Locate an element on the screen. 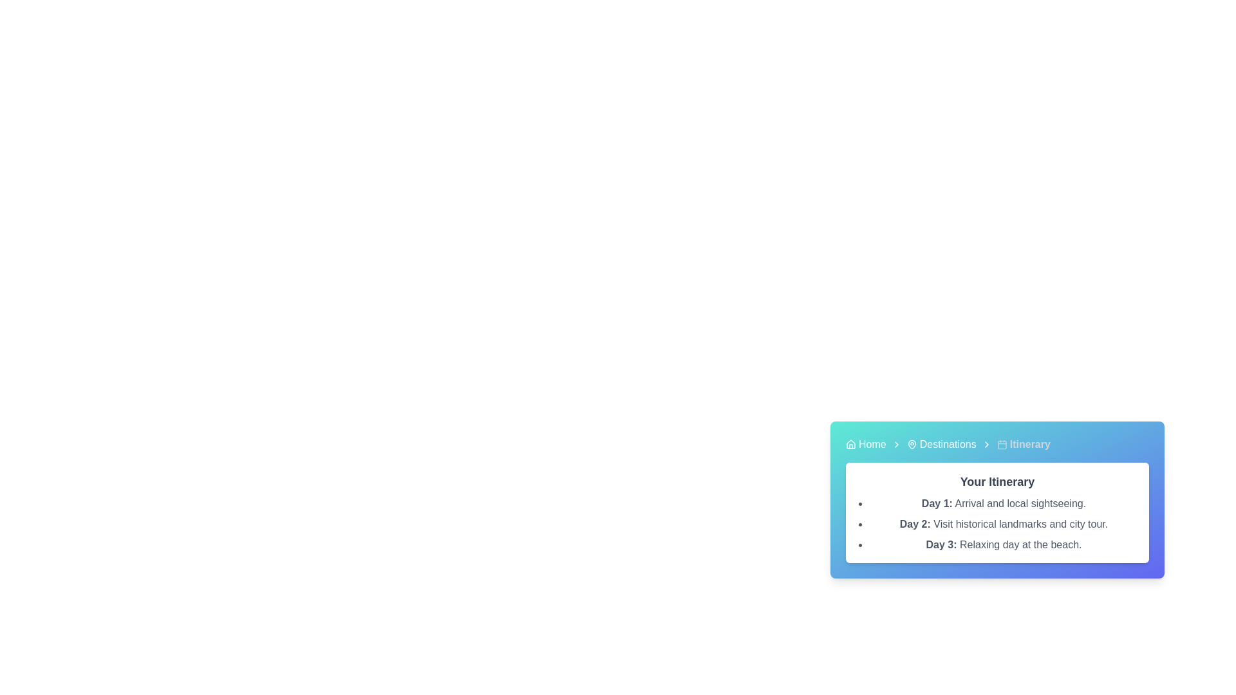 This screenshot has height=695, width=1236. the Text Display that shows 'Day 2: Visit historical landmarks and city tour.' prominently in gray text, which is the second item in the bulleted list under the section titled 'Your Itinerary' is located at coordinates (1003, 524).